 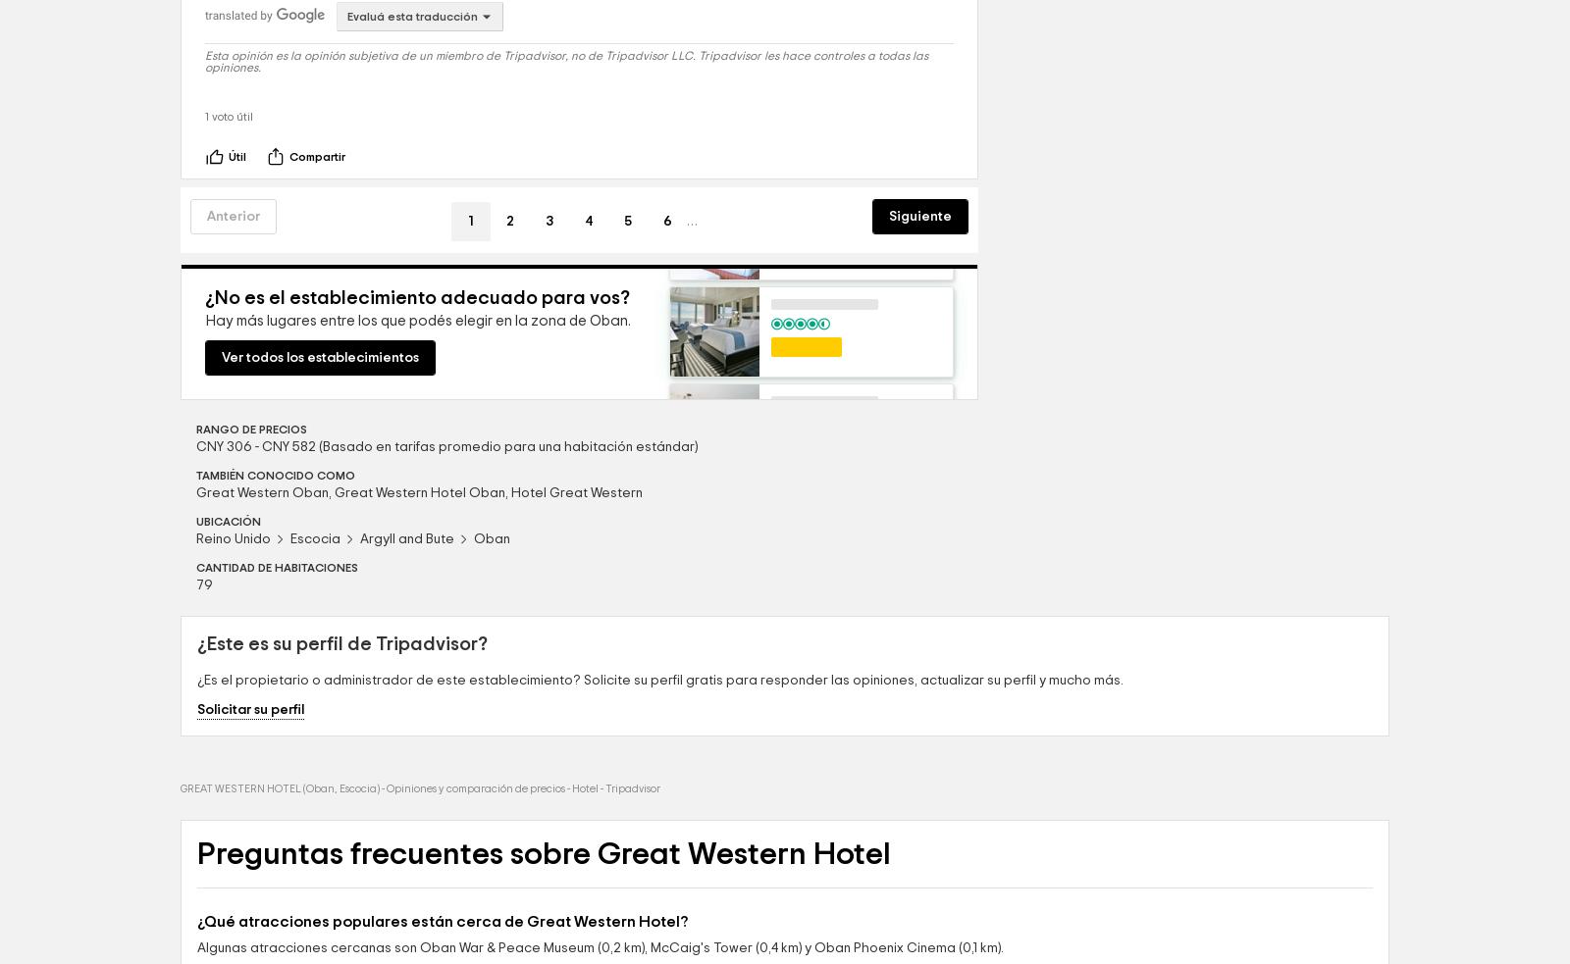 I want to click on 'Útil', so click(x=228, y=293).